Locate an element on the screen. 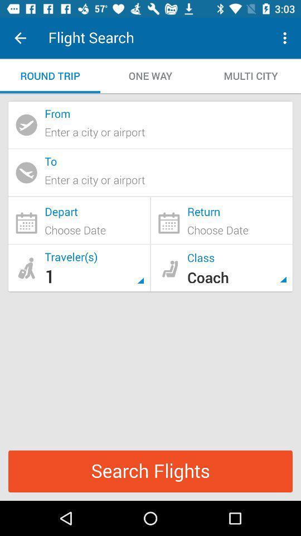 The image size is (301, 536). the icon flight left to from is located at coordinates (26, 125).